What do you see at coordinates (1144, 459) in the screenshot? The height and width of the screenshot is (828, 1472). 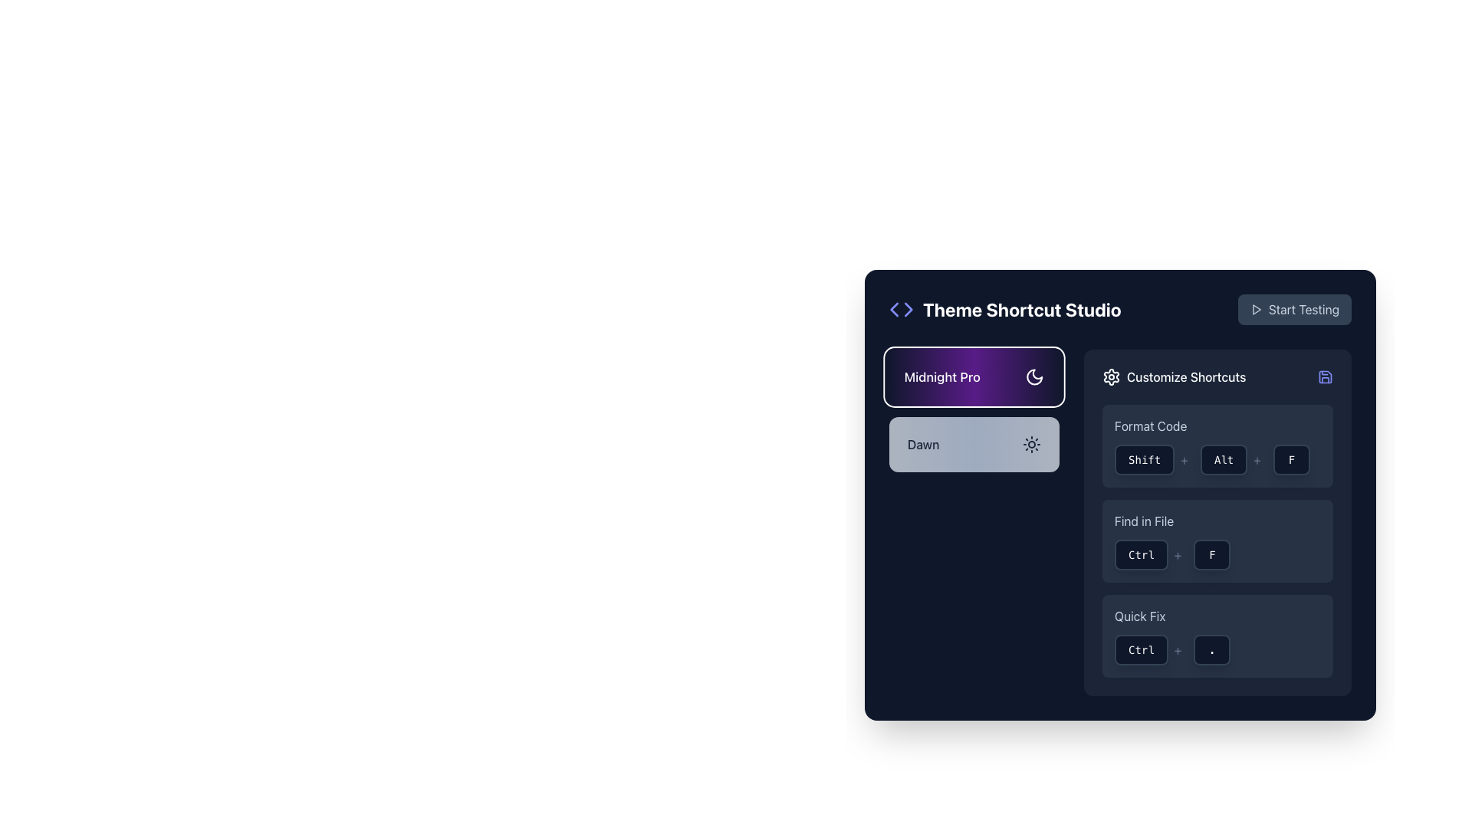 I see `the 'Shift' key Text Button located in the 'Customize Shortcuts' section of the 'Theme Shortcut Studio' interface, which is the first button in the sequence for the 'Format Code' shortcut` at bounding box center [1144, 459].